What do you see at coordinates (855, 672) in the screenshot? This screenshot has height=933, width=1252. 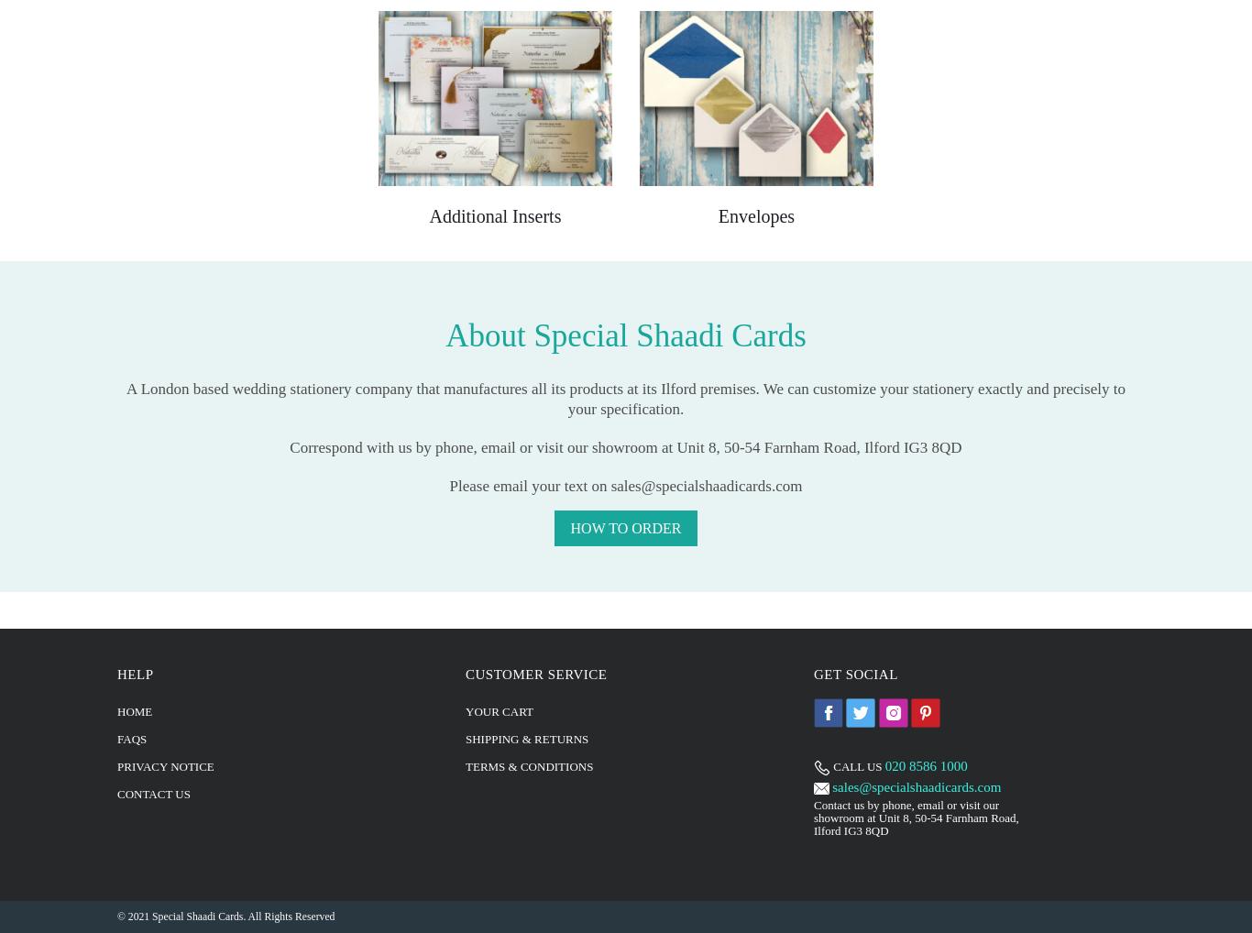 I see `'Get Social'` at bounding box center [855, 672].